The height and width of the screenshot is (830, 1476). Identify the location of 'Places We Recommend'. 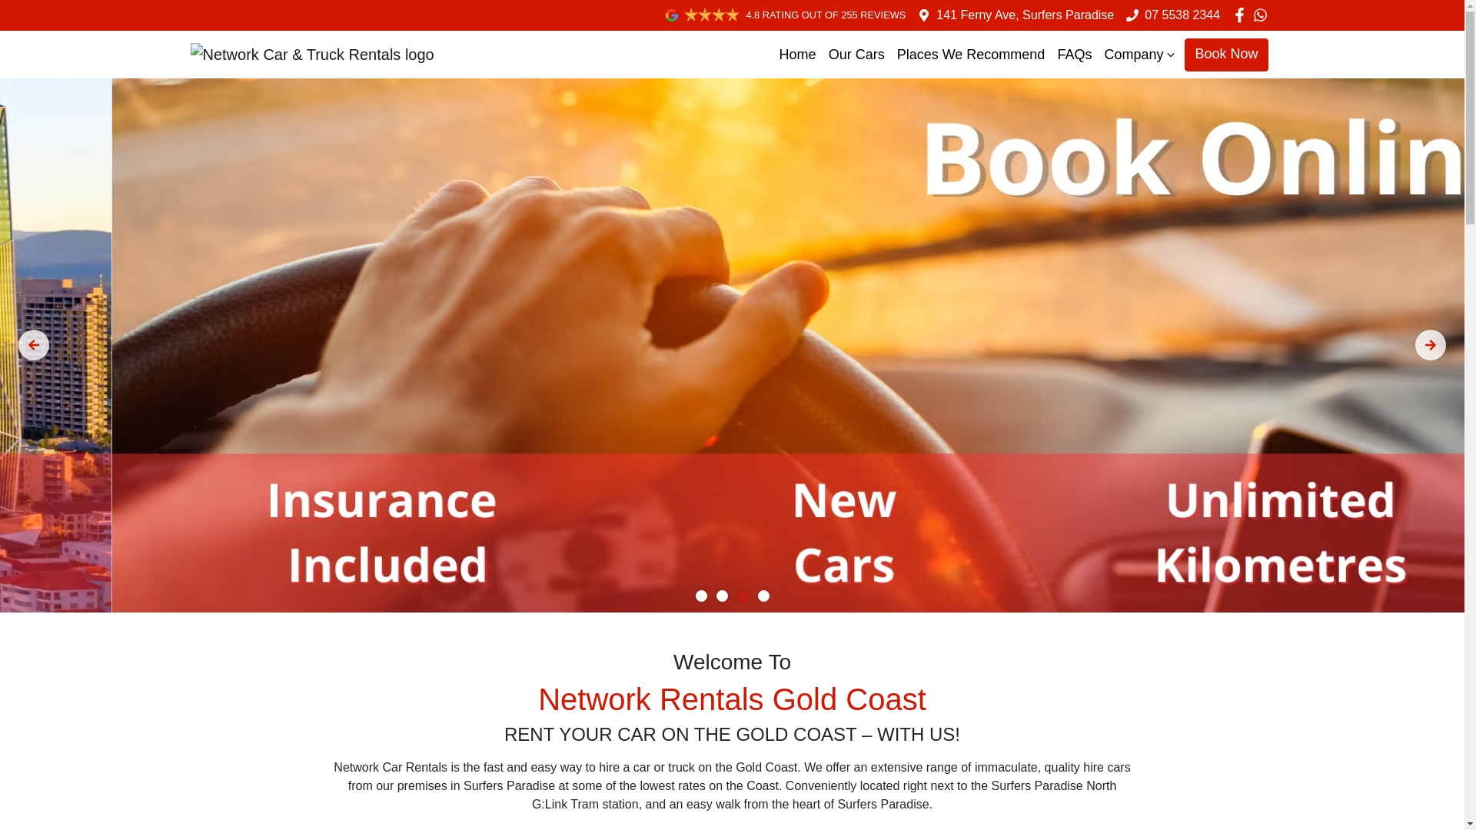
(970, 54).